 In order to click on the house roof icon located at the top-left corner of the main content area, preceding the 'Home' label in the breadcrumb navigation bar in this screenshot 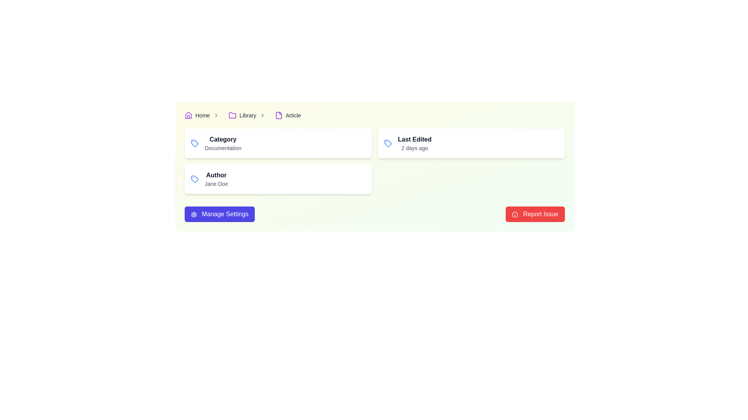, I will do `click(188, 115)`.